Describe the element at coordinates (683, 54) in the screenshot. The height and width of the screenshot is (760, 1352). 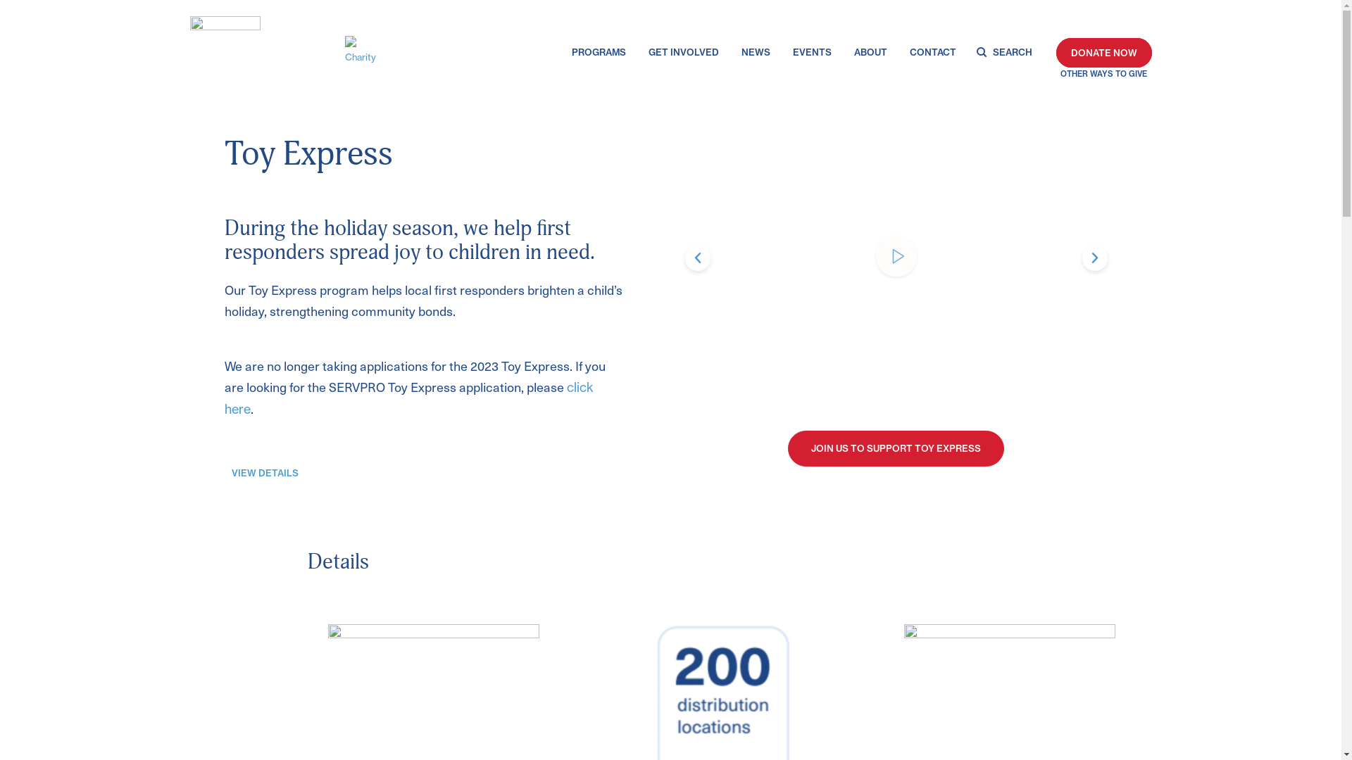
I see `'GET INVOLVED'` at that location.